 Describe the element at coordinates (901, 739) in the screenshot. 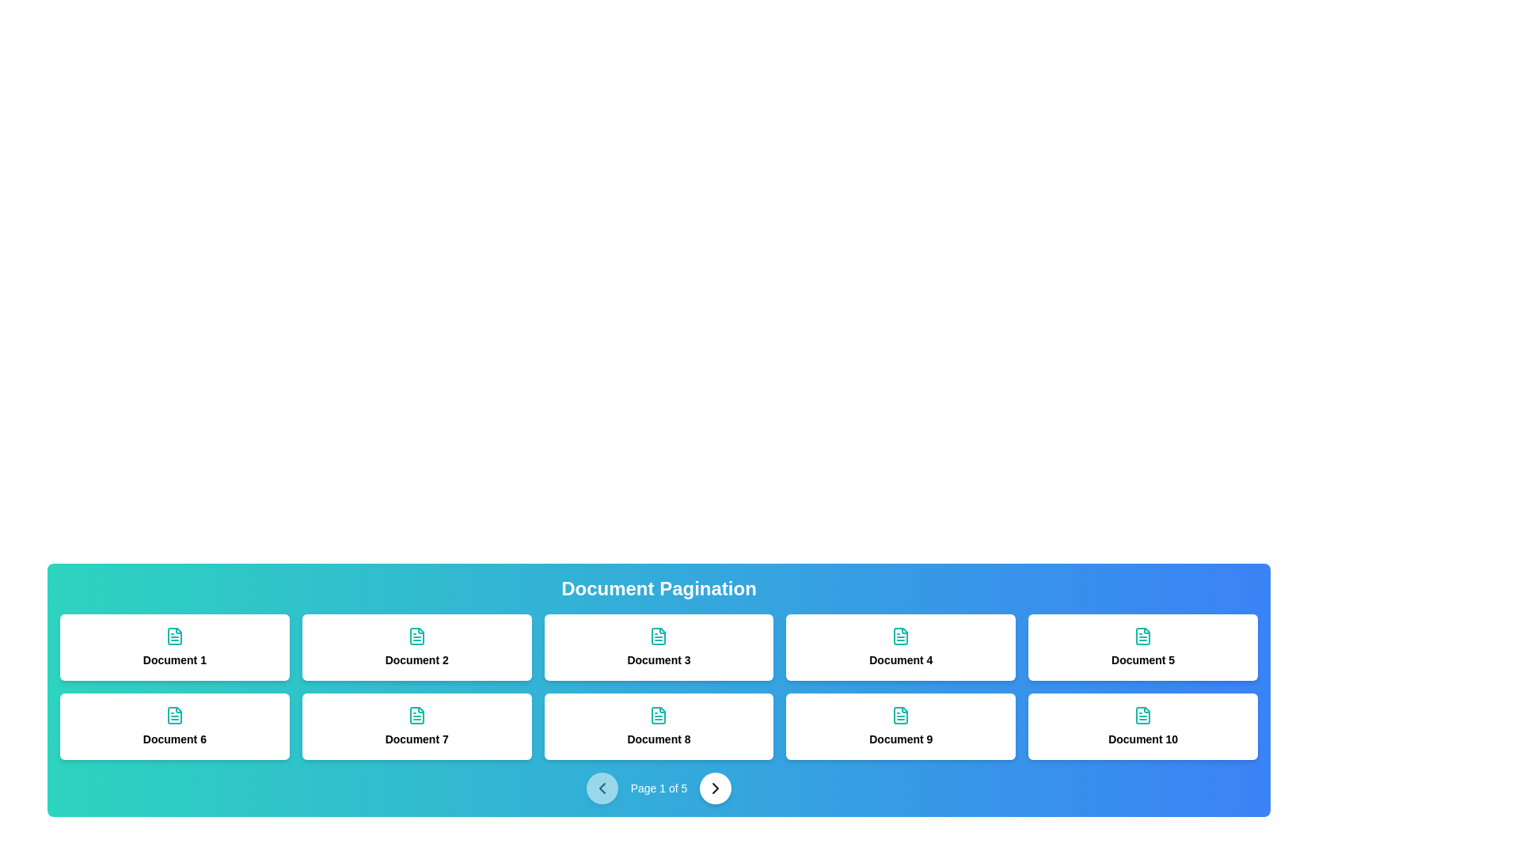

I see `the label displaying 'Document 9' located in the second row and second position of a grid layout in the document viewer` at that location.